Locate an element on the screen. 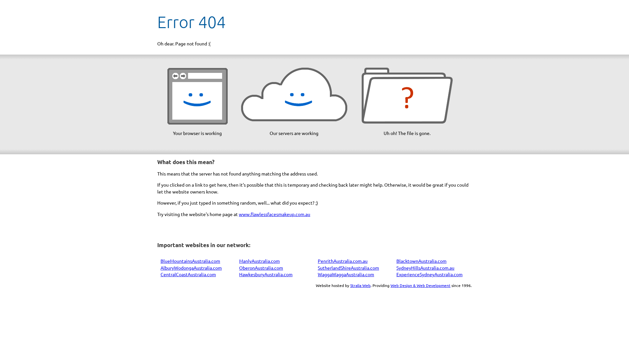 The height and width of the screenshot is (353, 629). 'WaggaWaggaAustralia.com' is located at coordinates (346, 274).